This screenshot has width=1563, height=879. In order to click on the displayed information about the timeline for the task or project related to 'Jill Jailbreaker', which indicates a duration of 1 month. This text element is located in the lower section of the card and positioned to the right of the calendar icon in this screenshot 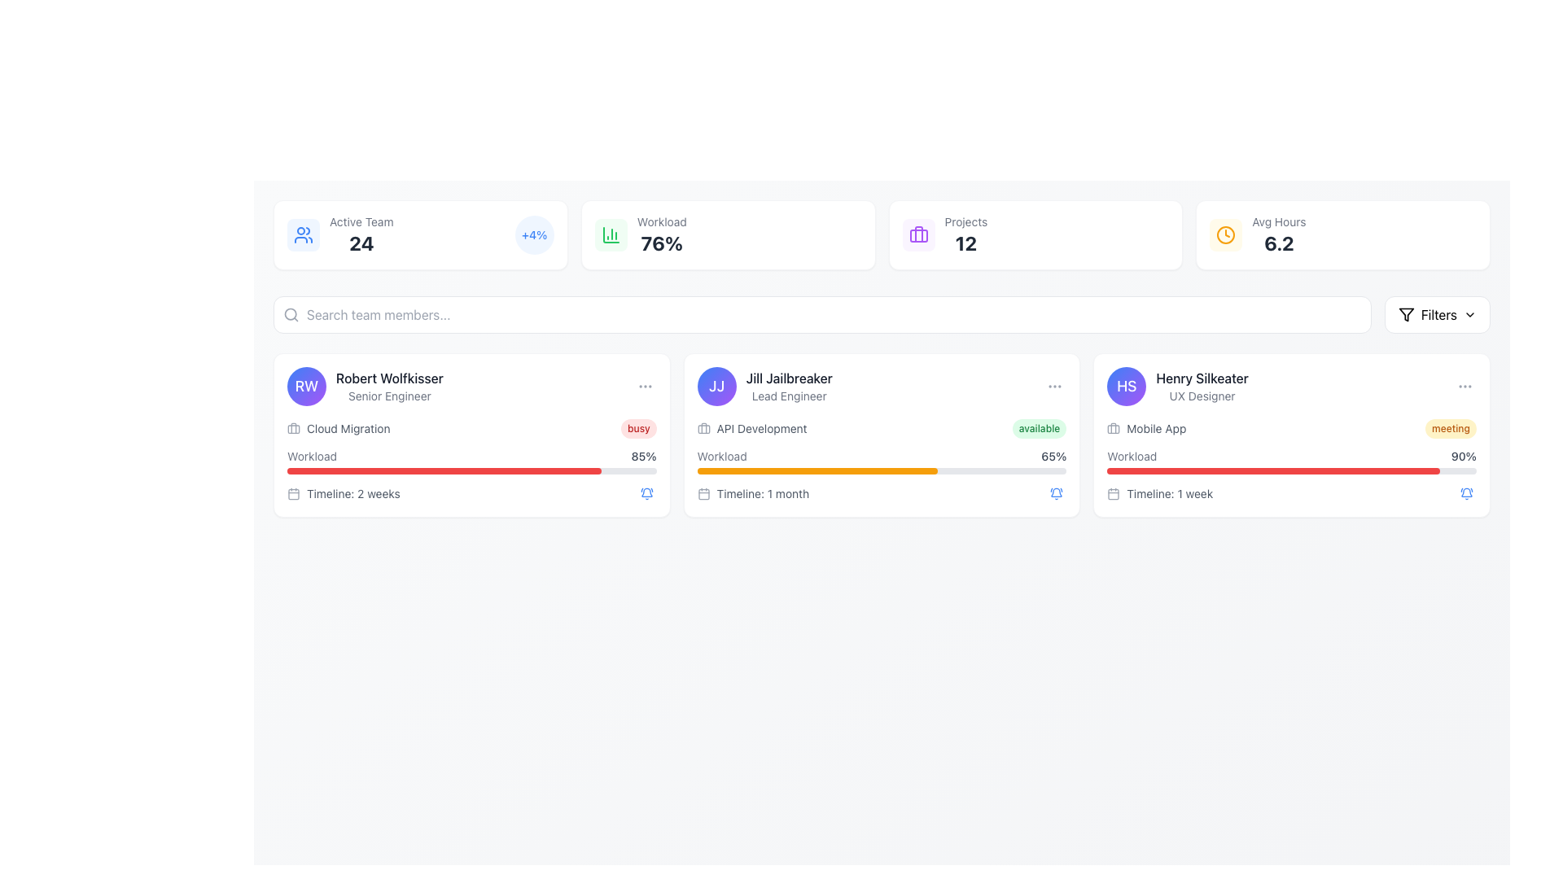, I will do `click(762, 492)`.